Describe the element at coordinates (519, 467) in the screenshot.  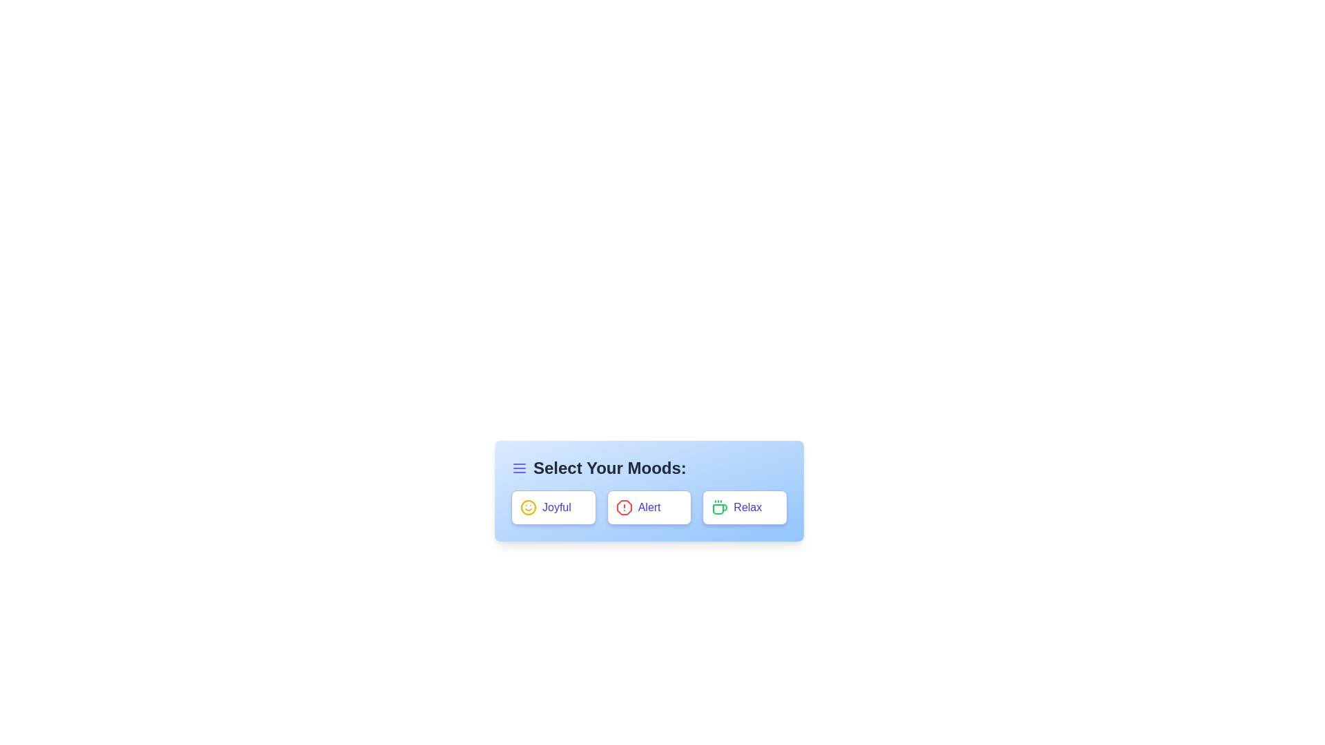
I see `the menu icon to open the menu` at that location.